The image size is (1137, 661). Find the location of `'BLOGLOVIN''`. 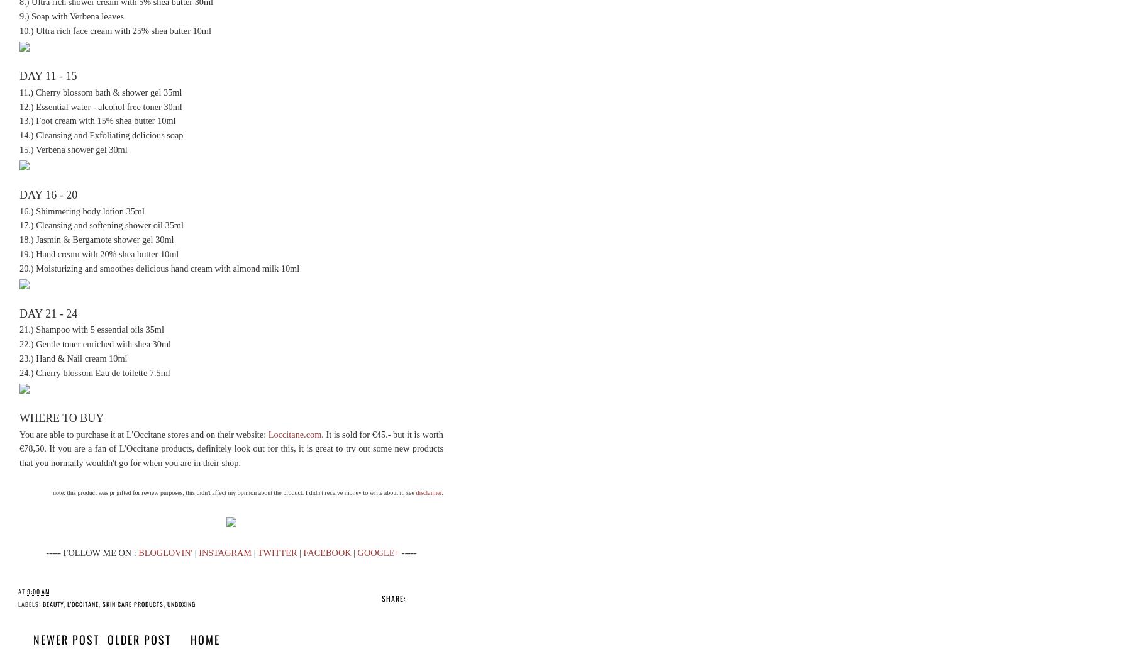

'BLOGLOVIN'' is located at coordinates (165, 552).